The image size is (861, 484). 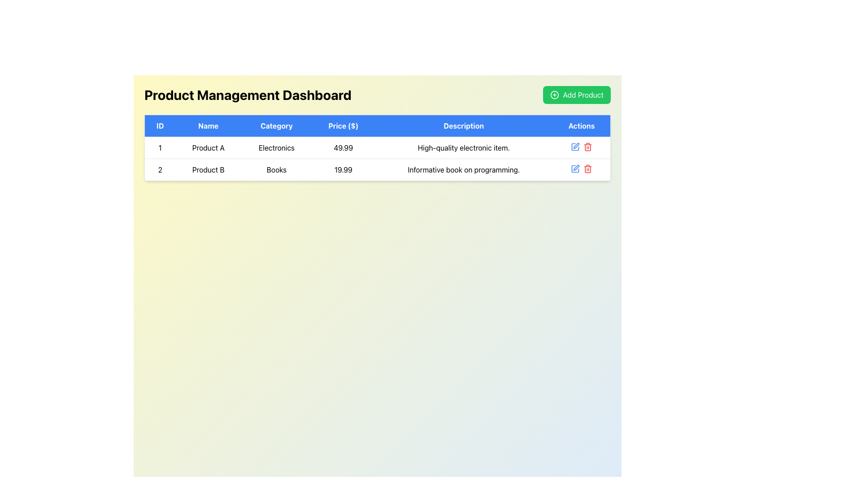 What do you see at coordinates (377, 169) in the screenshot?
I see `the table row entry for 'Product B' in the 'Product Management Dashboard', which includes its details like category, price, and description` at bounding box center [377, 169].